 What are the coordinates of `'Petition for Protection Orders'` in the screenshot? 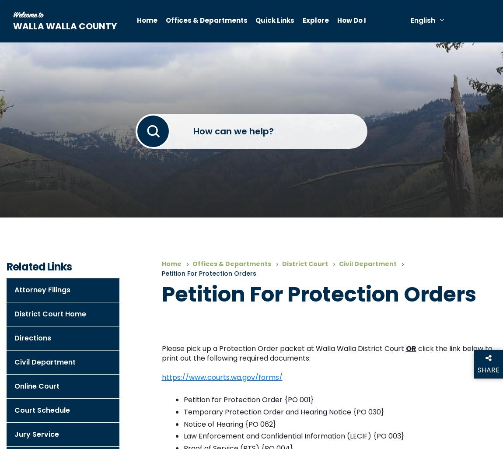 It's located at (209, 273).